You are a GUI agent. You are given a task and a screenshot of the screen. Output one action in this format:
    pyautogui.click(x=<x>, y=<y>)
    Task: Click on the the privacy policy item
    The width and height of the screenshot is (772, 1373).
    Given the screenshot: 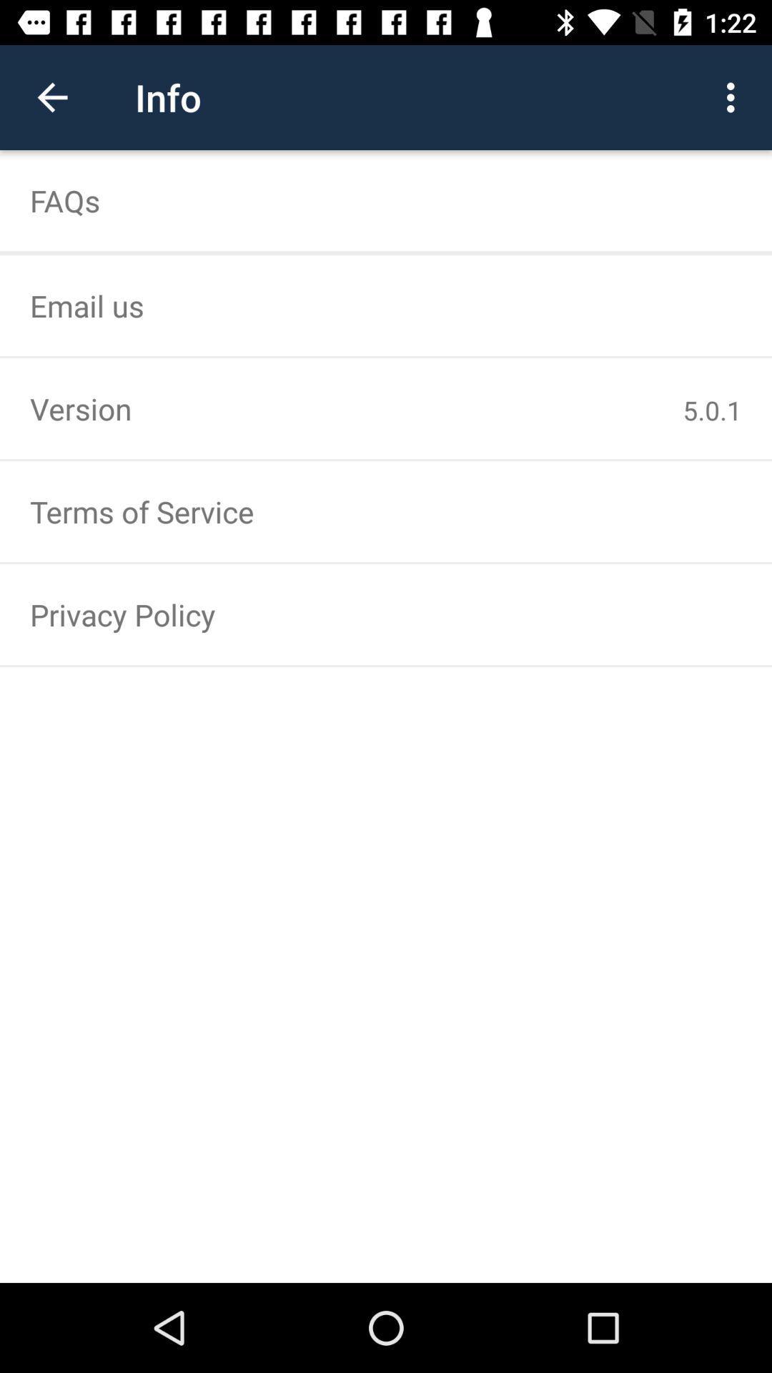 What is the action you would take?
    pyautogui.click(x=386, y=614)
    